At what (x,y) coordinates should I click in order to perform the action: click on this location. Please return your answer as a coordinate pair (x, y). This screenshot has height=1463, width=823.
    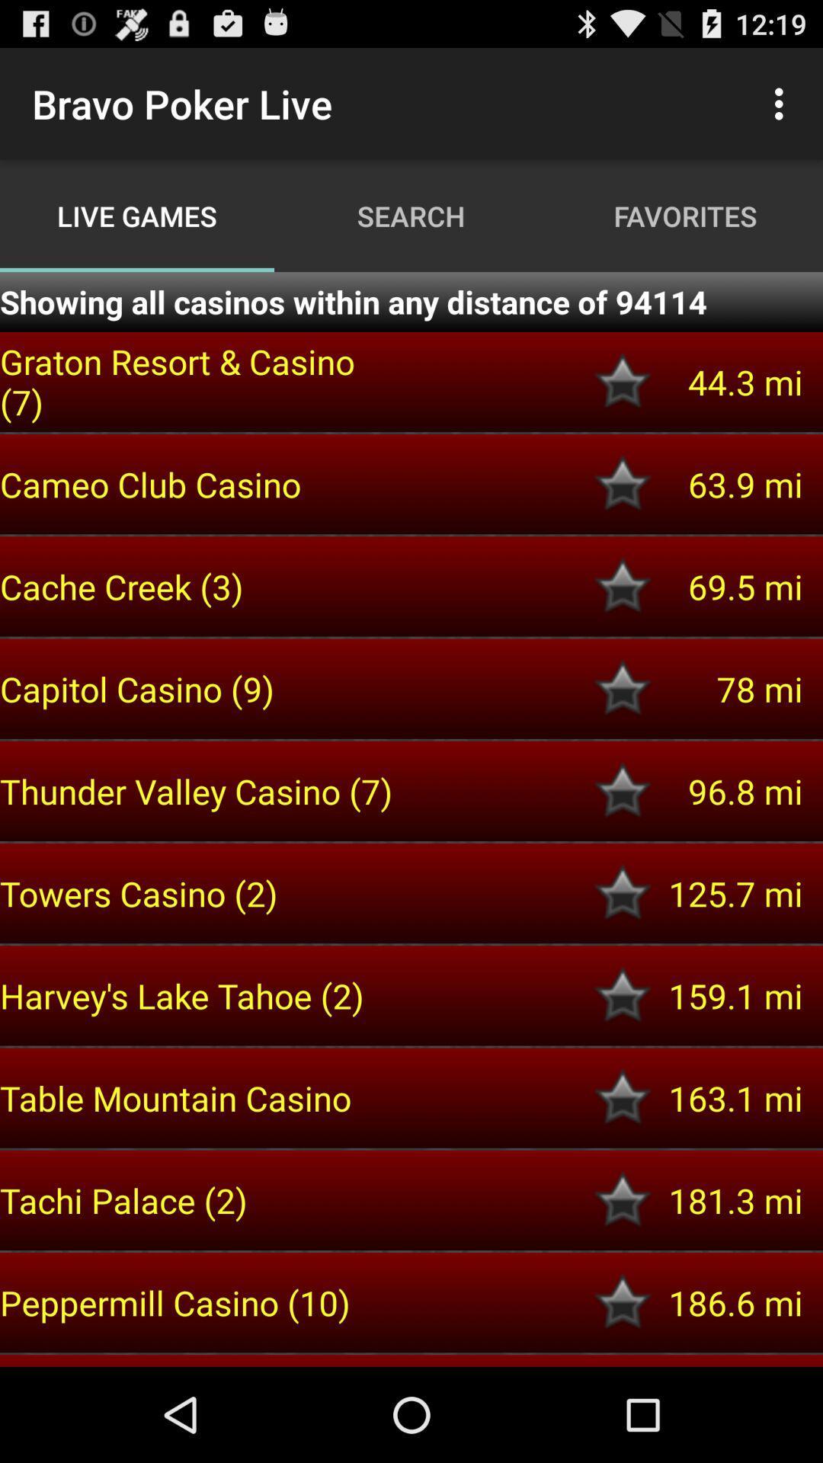
    Looking at the image, I should click on (623, 995).